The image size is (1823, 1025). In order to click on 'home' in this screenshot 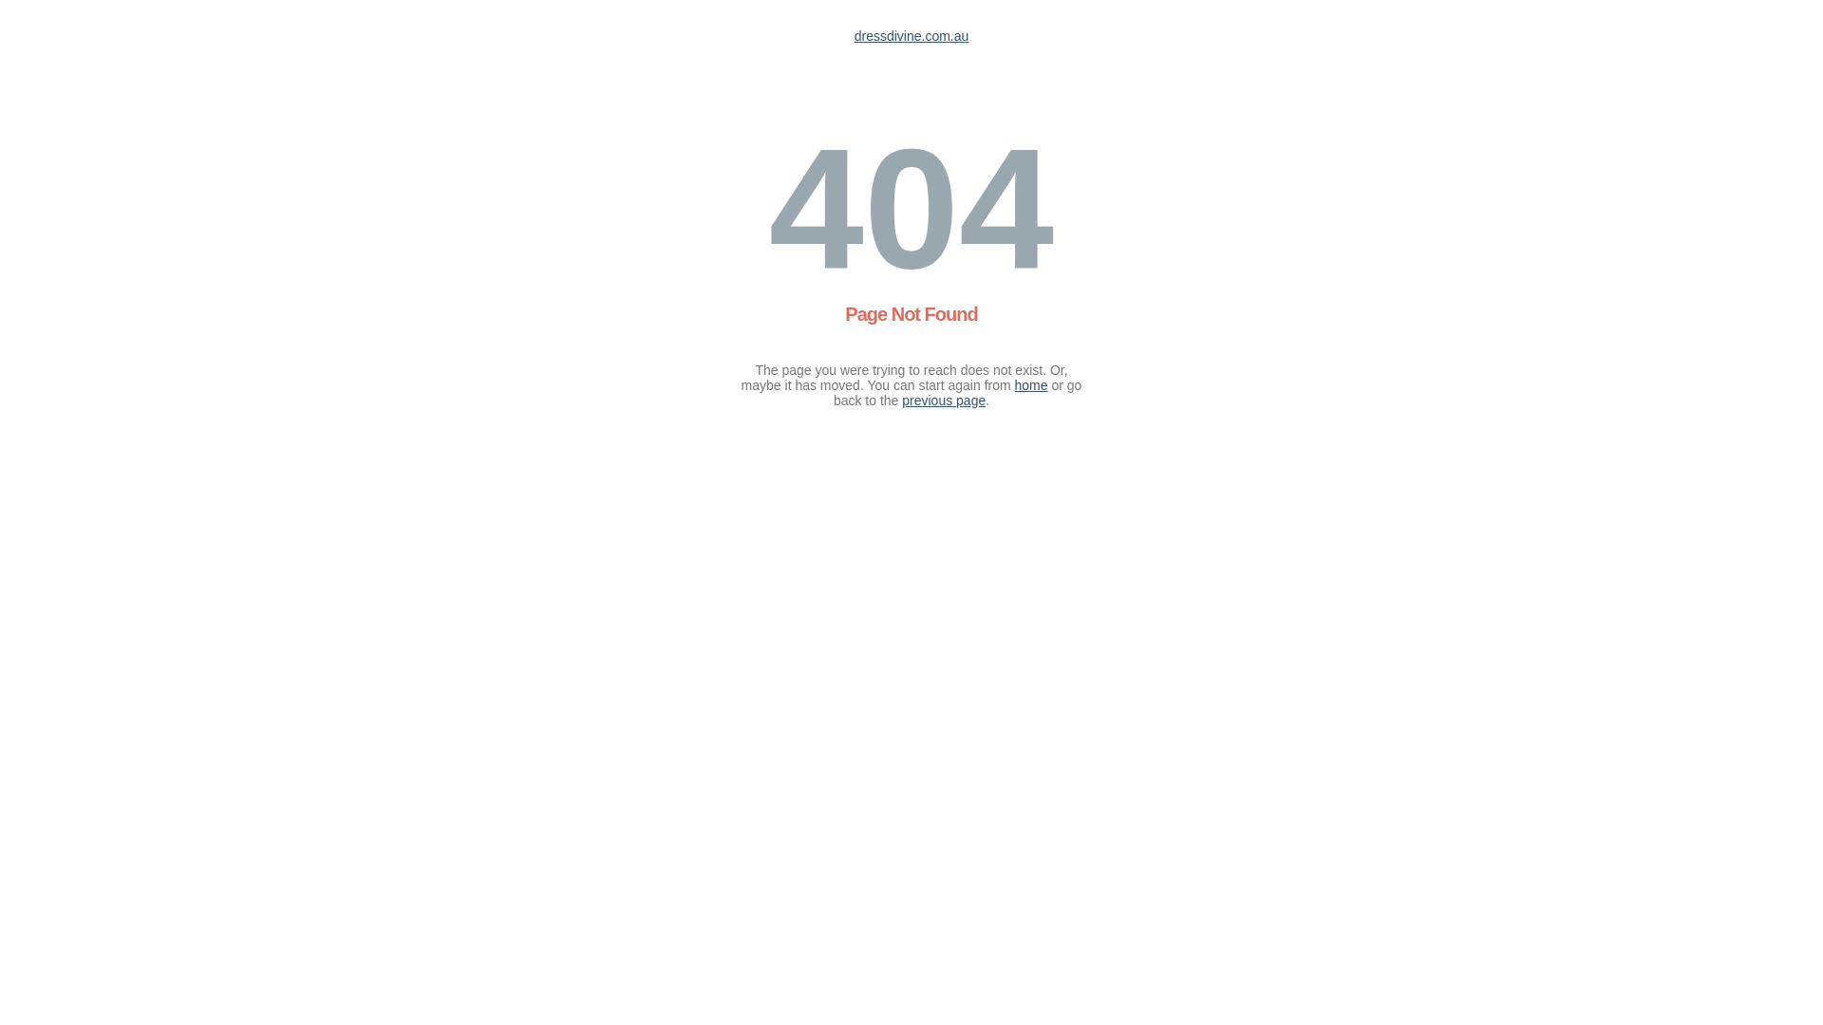, I will do `click(1030, 384)`.